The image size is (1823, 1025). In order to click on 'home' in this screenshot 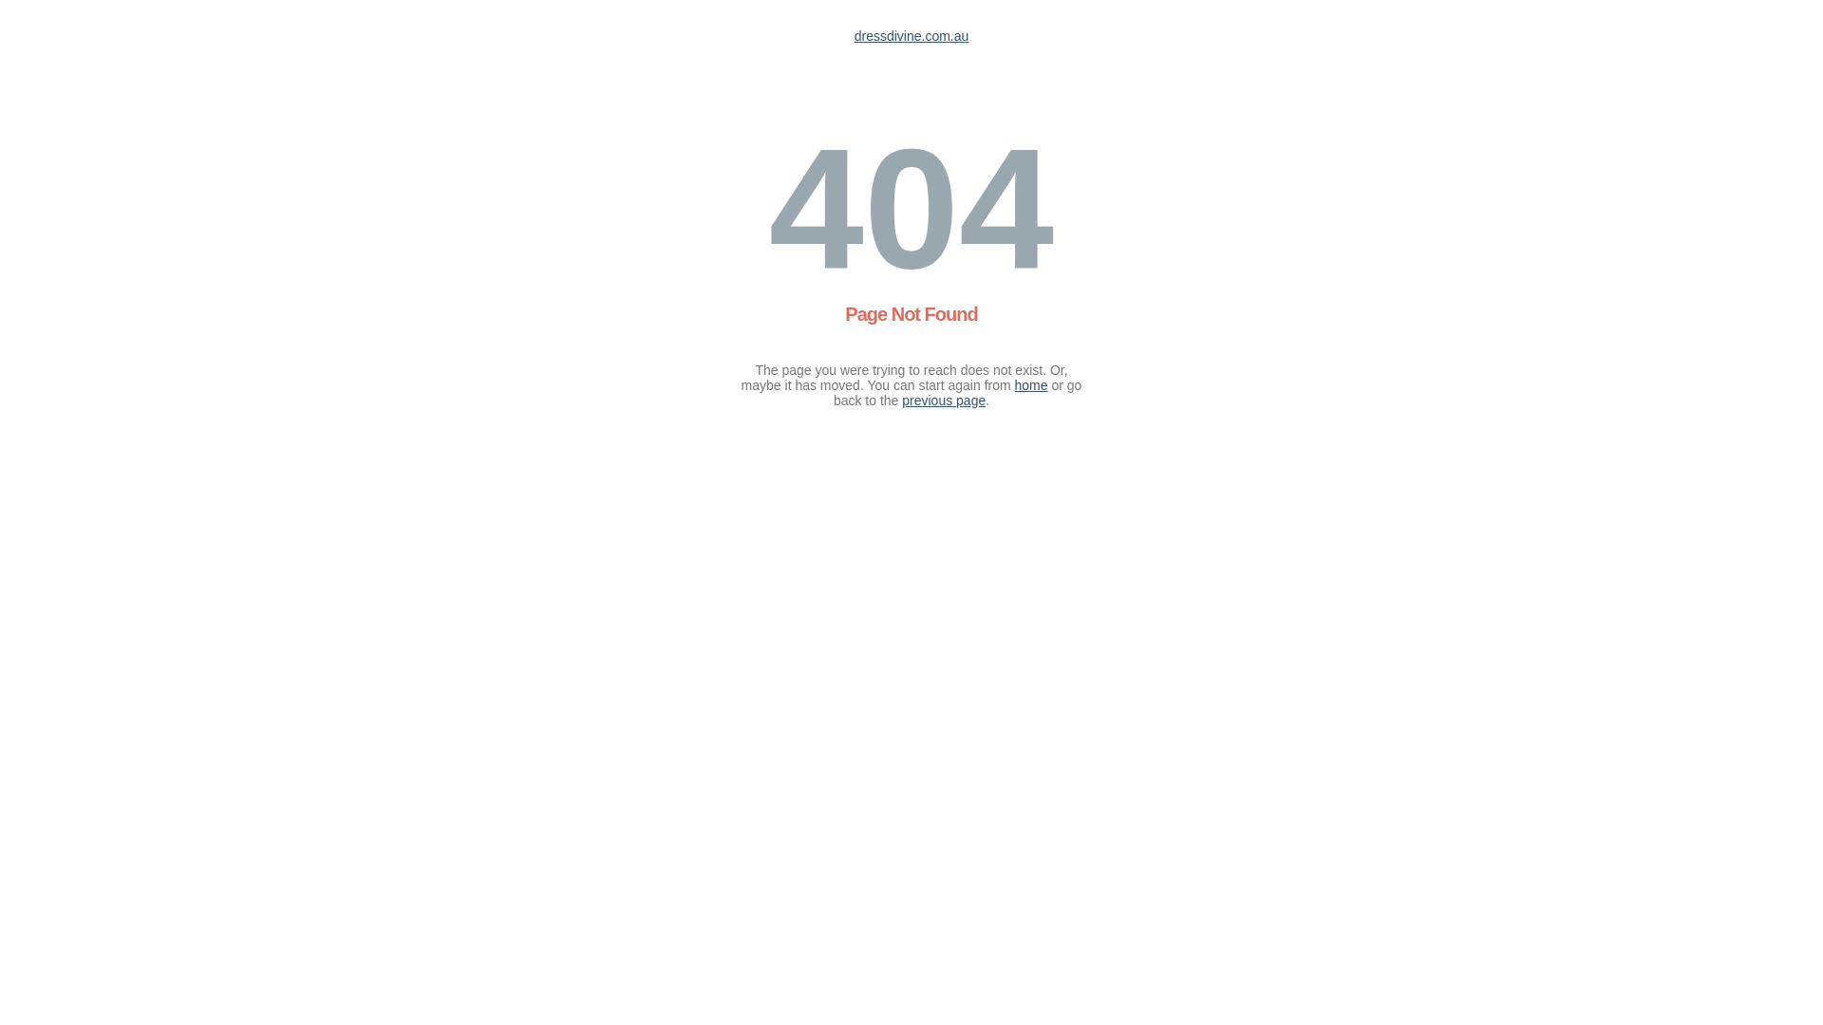, I will do `click(1030, 384)`.